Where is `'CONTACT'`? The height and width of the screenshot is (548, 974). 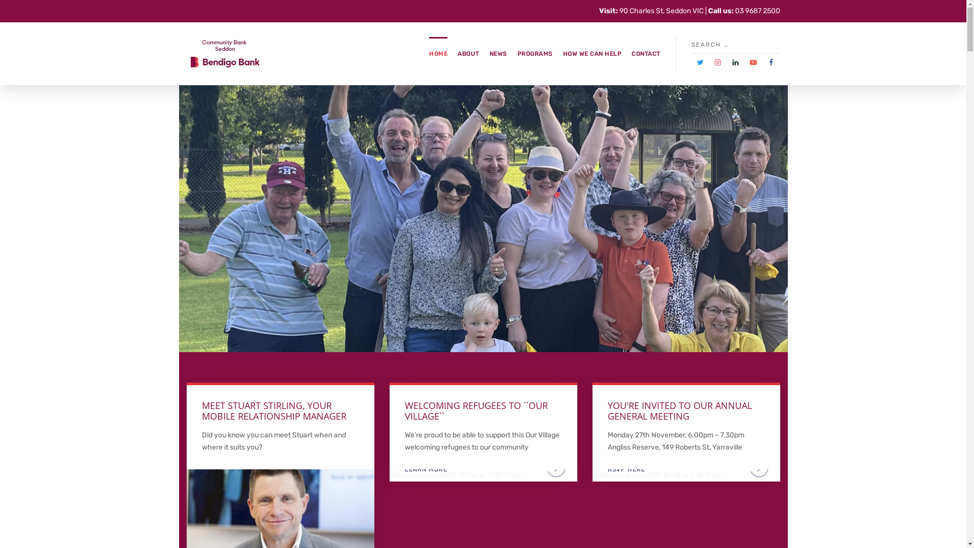
'CONTACT' is located at coordinates (645, 54).